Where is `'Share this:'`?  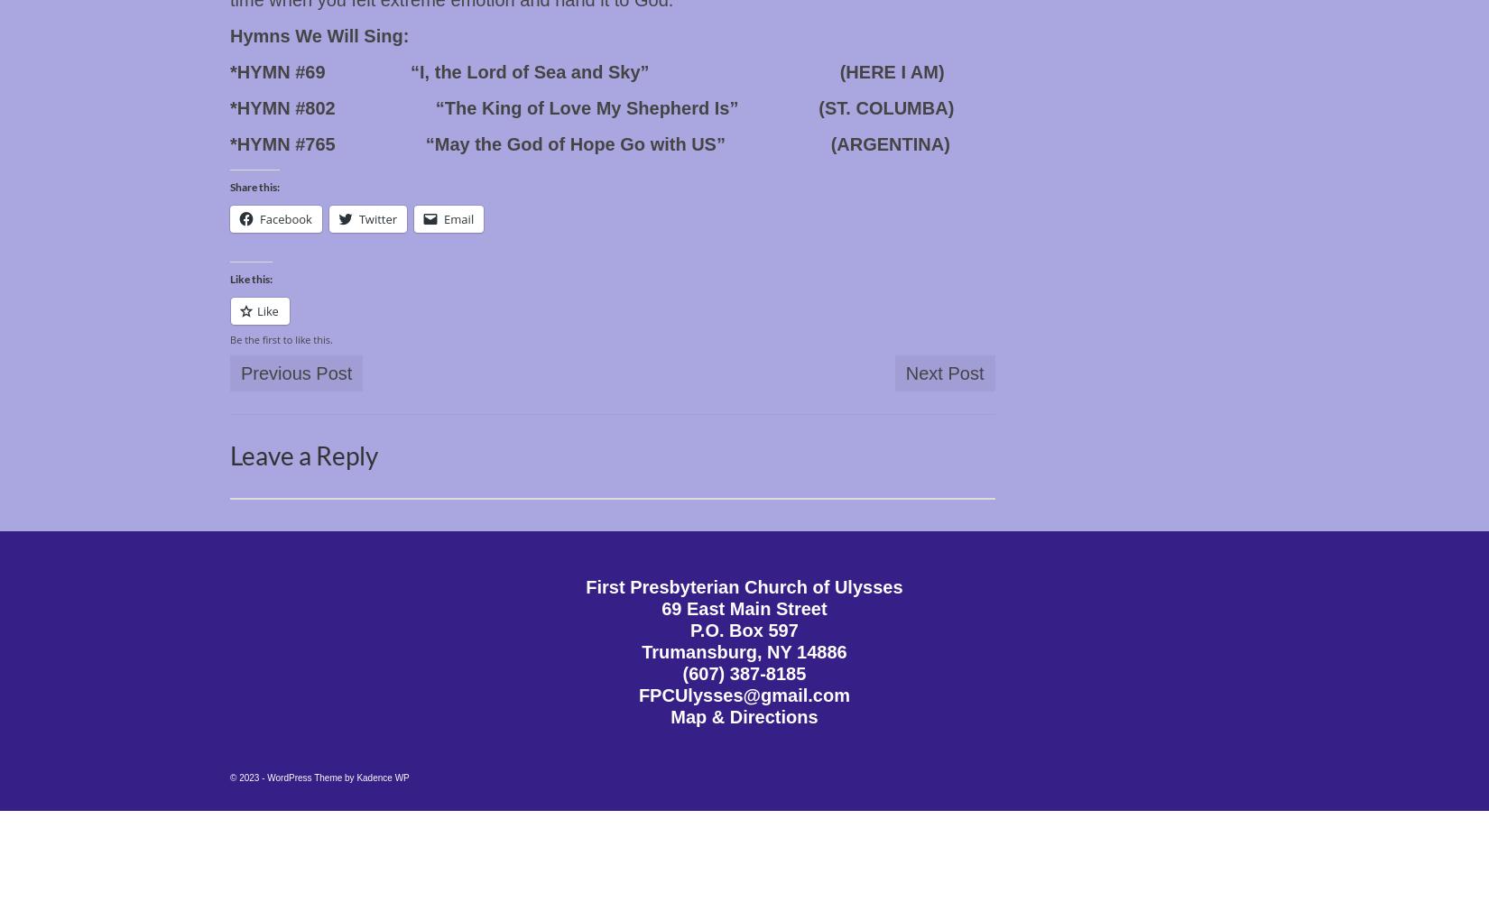
'Share this:' is located at coordinates (254, 186).